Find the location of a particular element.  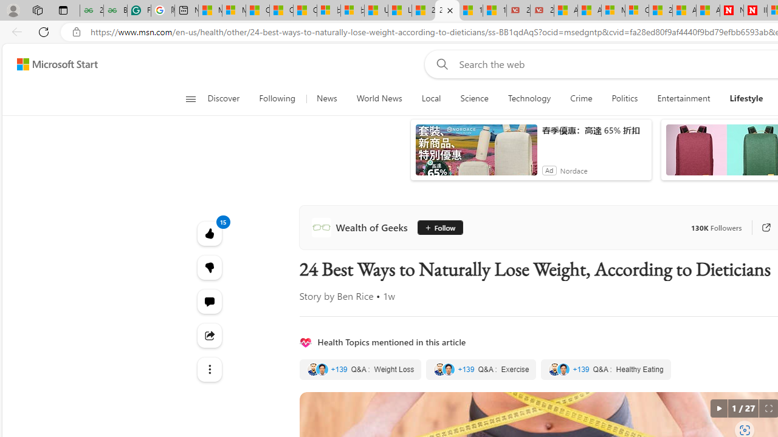

'20 Ways to Boost Your Protein Intake at Every Meal' is located at coordinates (659, 10).